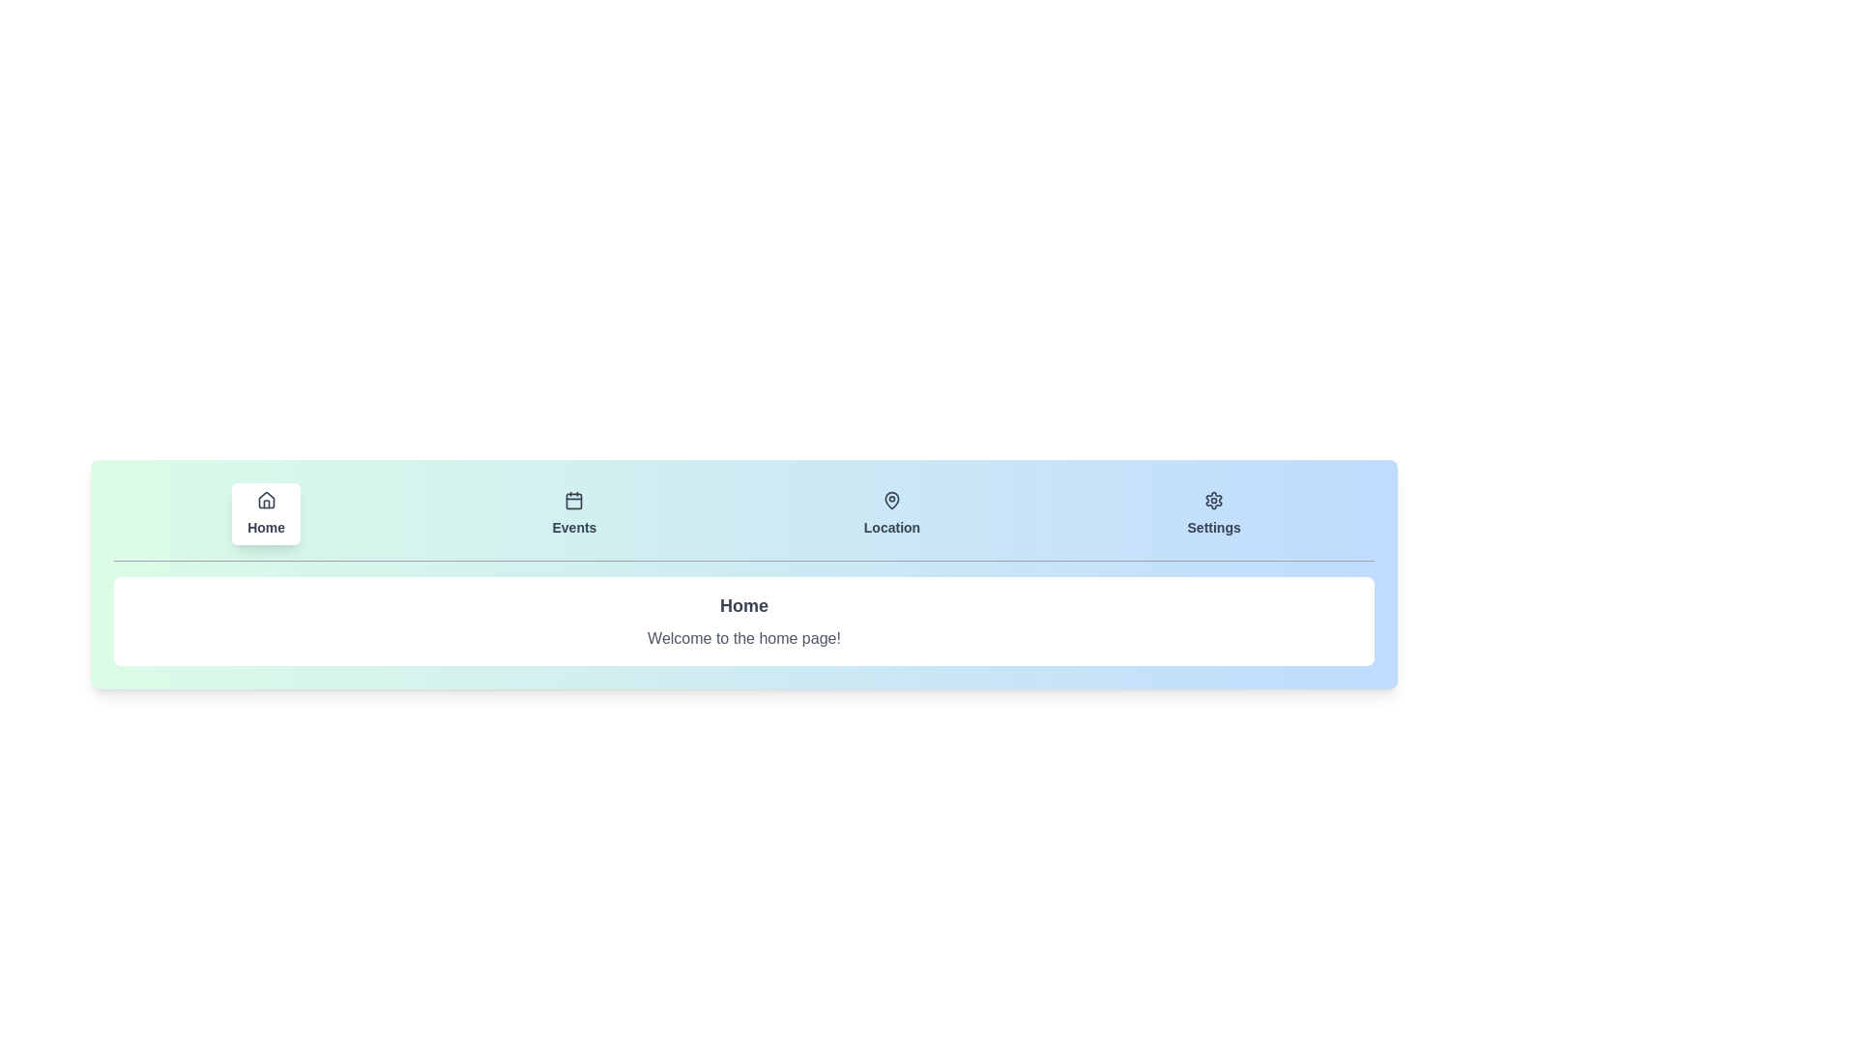 This screenshot has height=1044, width=1856. What do you see at coordinates (265, 513) in the screenshot?
I see `the tab labeled Home to observe the visual feedback` at bounding box center [265, 513].